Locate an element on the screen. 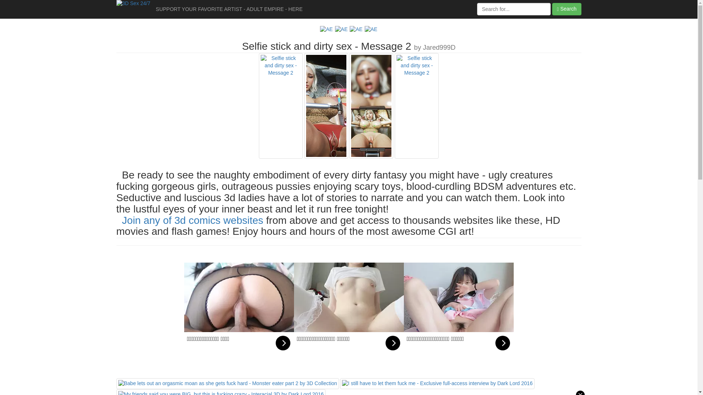  'Search' is located at coordinates (566, 9).